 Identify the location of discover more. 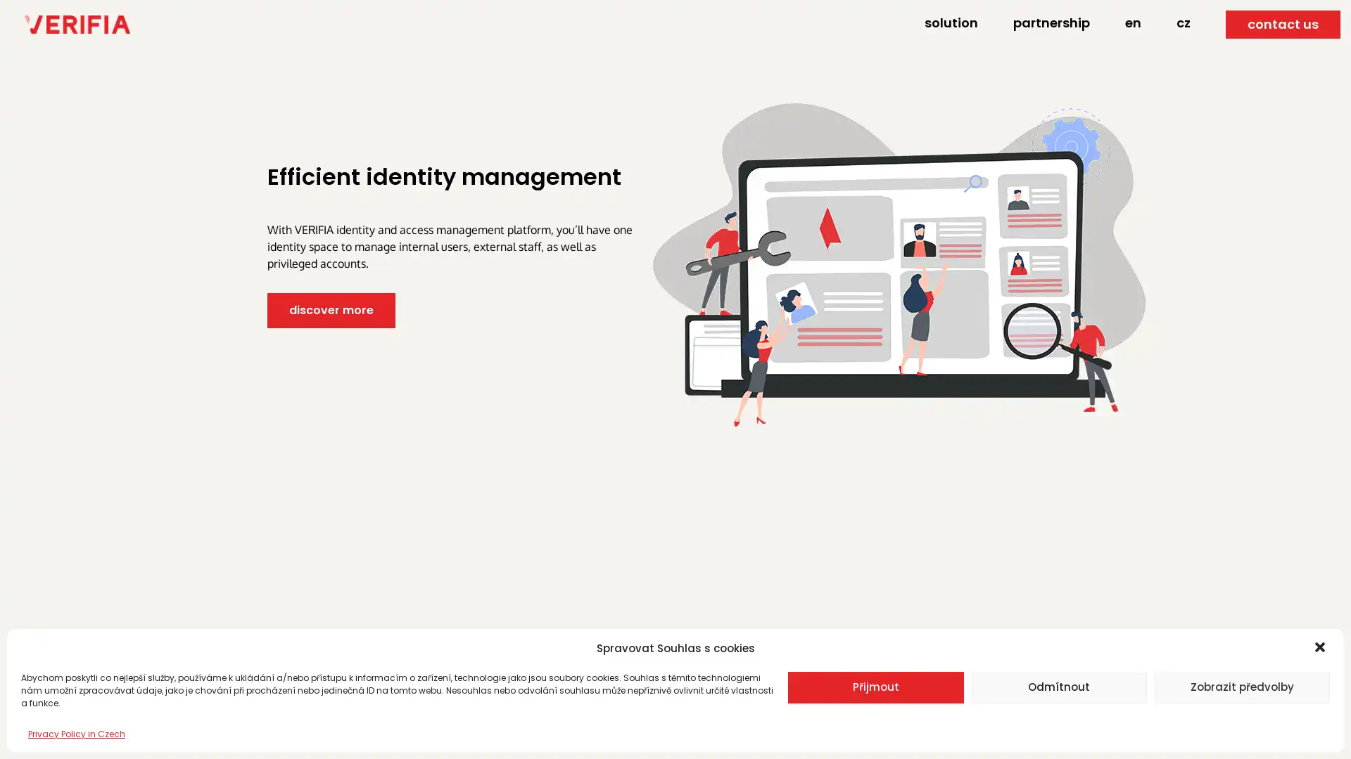
(330, 310).